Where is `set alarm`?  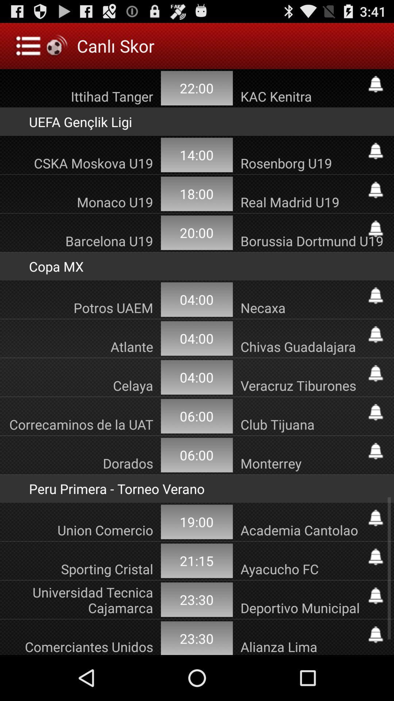
set alarm is located at coordinates (375, 518).